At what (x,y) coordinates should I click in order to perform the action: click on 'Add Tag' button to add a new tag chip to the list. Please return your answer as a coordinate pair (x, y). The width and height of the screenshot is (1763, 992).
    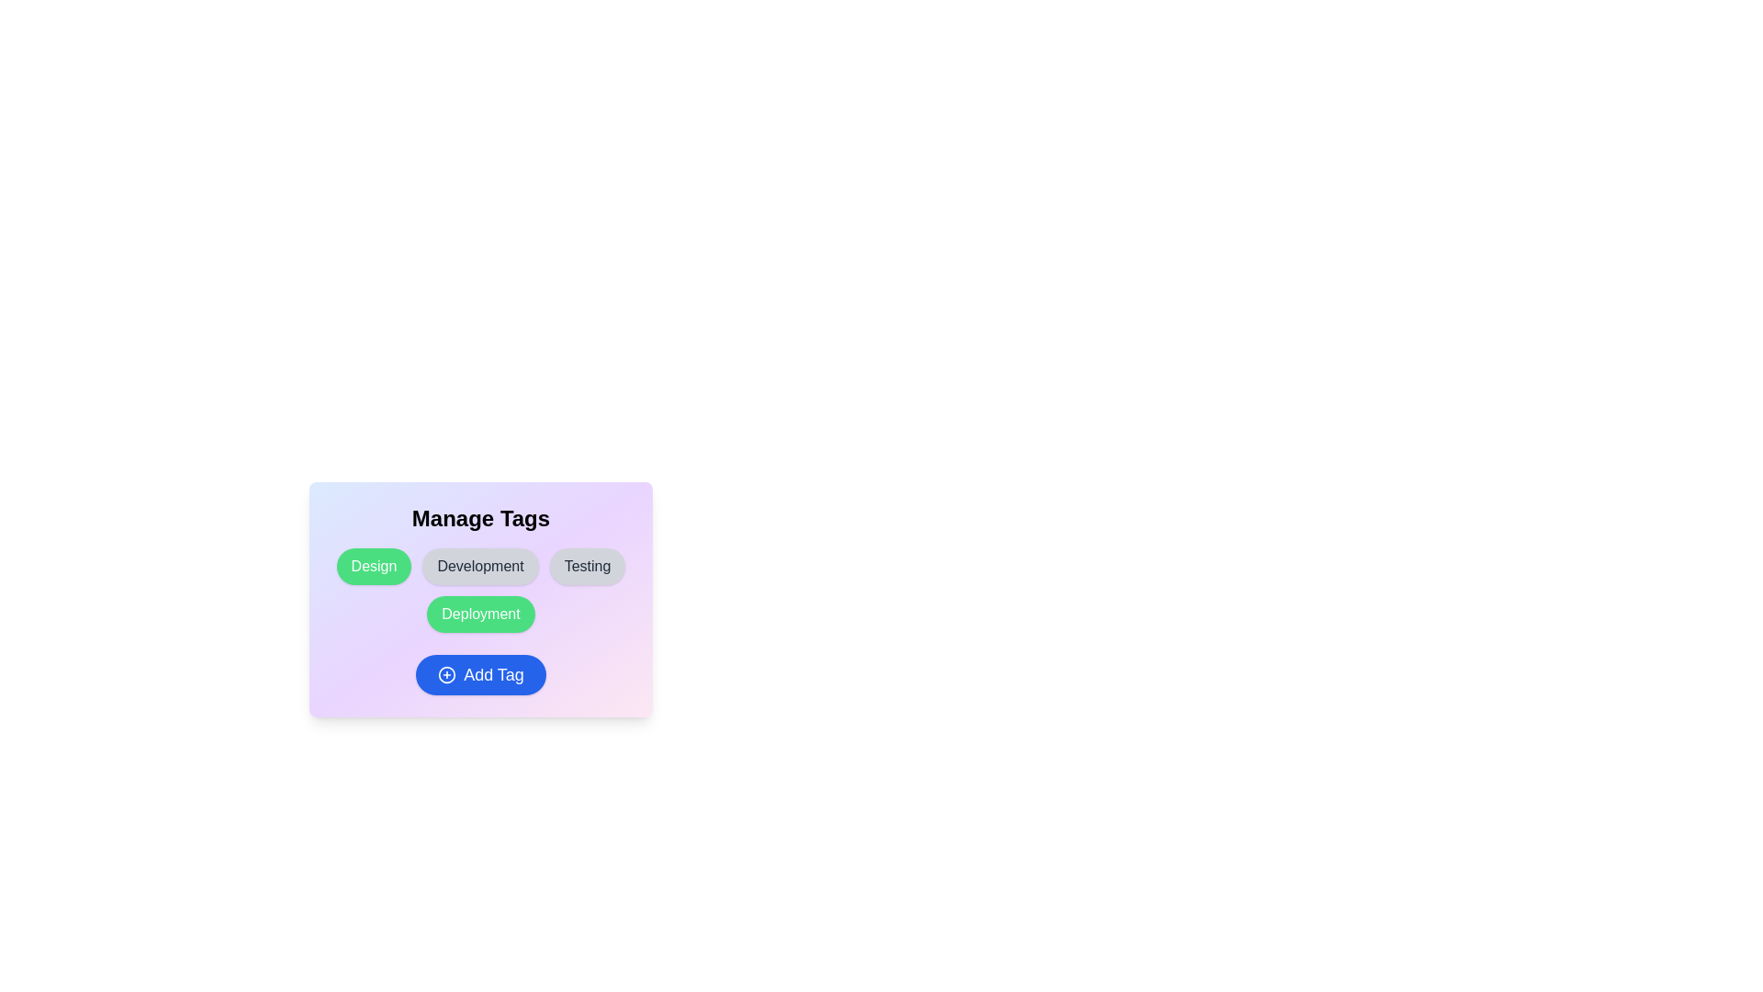
    Looking at the image, I should click on (480, 675).